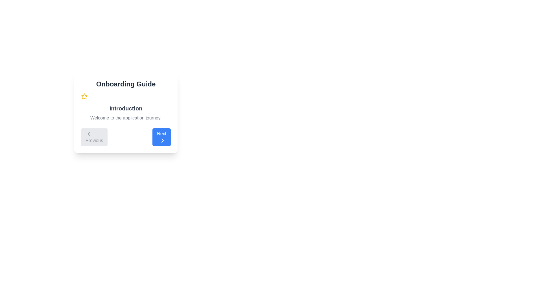  Describe the element at coordinates (89, 134) in the screenshot. I see `the leftward-pointing arrow icon, which is a minimalist gray chevron located to the left of the 'Previous' button in the 'Onboarding Guide' panel` at that location.